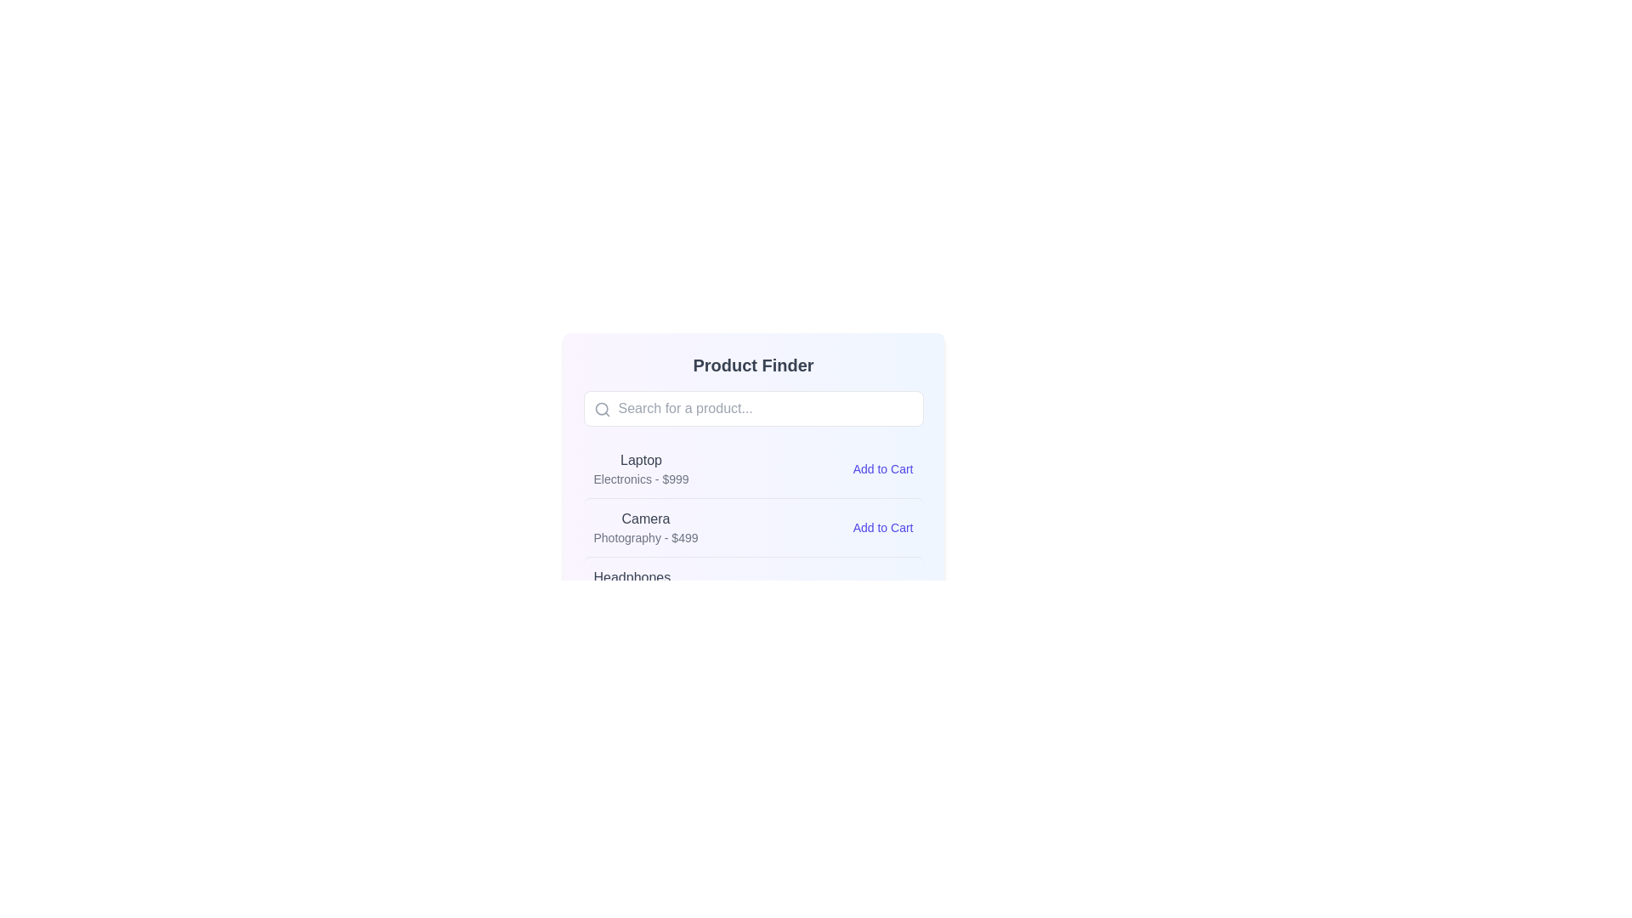 Image resolution: width=1632 pixels, height=918 pixels. Describe the element at coordinates (631, 576) in the screenshot. I see `the text label that reads 'Headphones', styled in medium font weight and gray color, located in the 'Product Finder' section beneath other items` at that location.